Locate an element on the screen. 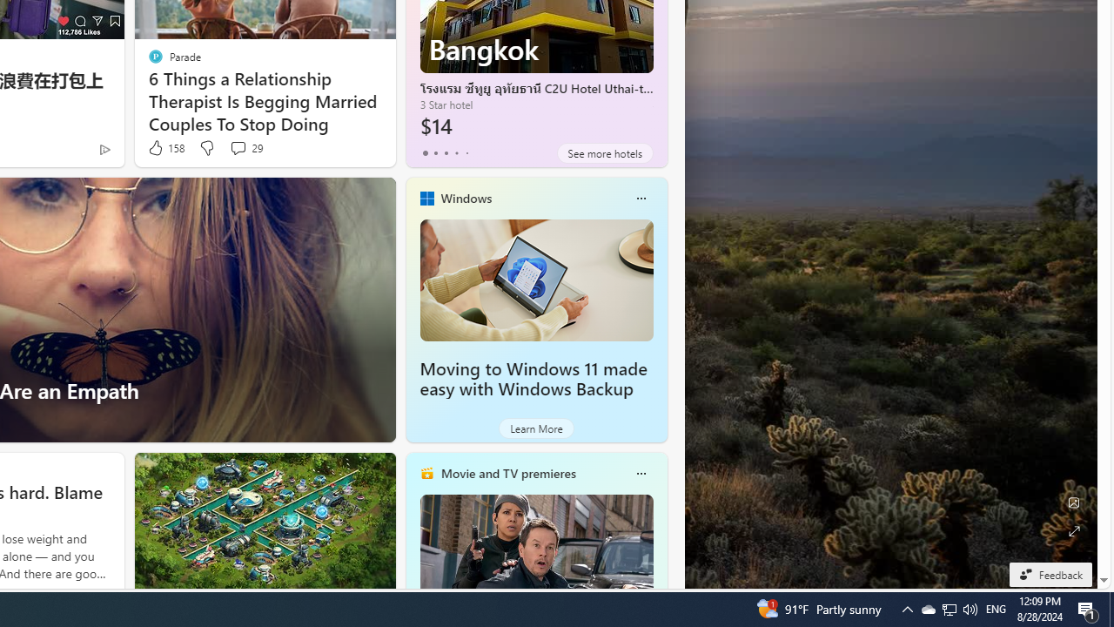 The width and height of the screenshot is (1114, 627). 'Windows' is located at coordinates (466, 197).